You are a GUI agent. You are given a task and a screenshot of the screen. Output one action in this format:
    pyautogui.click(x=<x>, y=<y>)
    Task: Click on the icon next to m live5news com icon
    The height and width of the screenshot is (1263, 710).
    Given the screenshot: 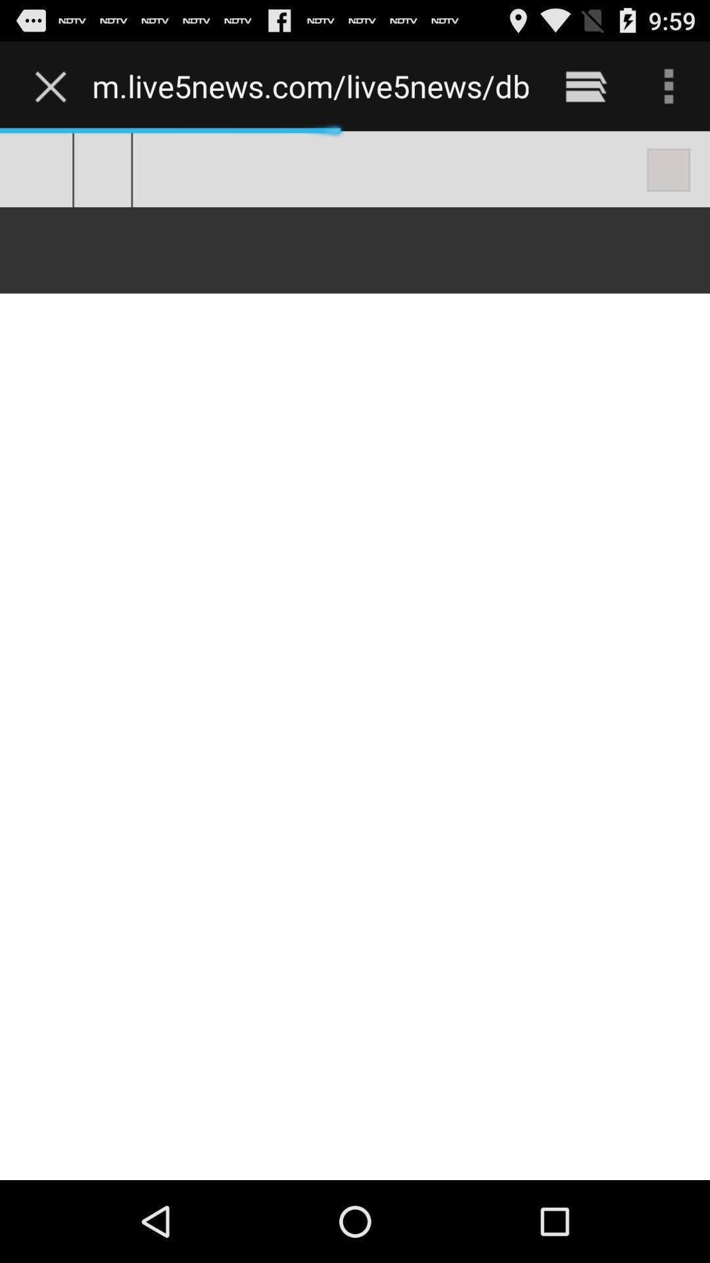 What is the action you would take?
    pyautogui.click(x=585, y=86)
    